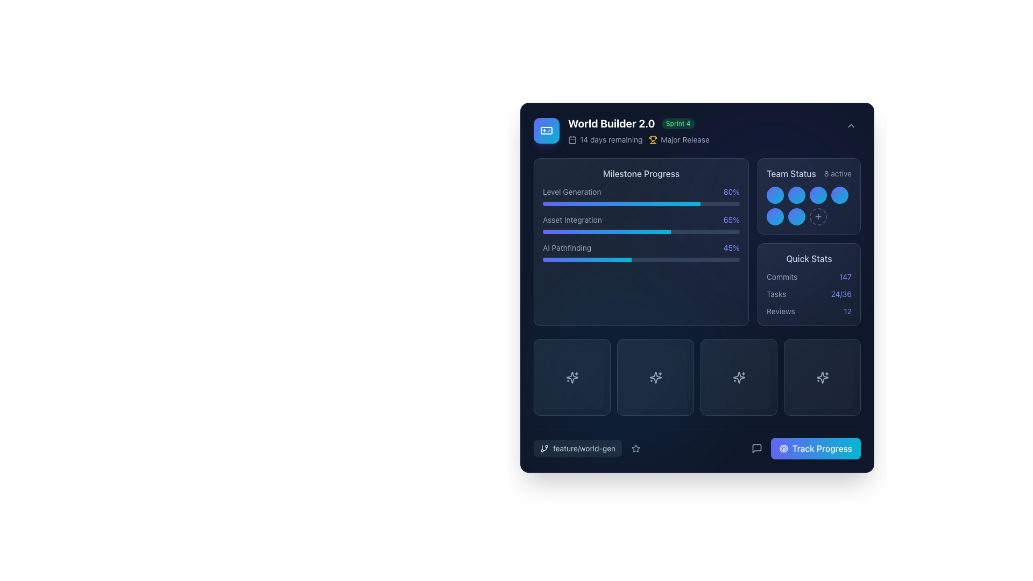 The width and height of the screenshot is (1033, 581). Describe the element at coordinates (731, 248) in the screenshot. I see `the static text element displaying the percentage completion for 'AI Pathfinding', located in the milestone progress panel towards the center-left of the interface` at that location.